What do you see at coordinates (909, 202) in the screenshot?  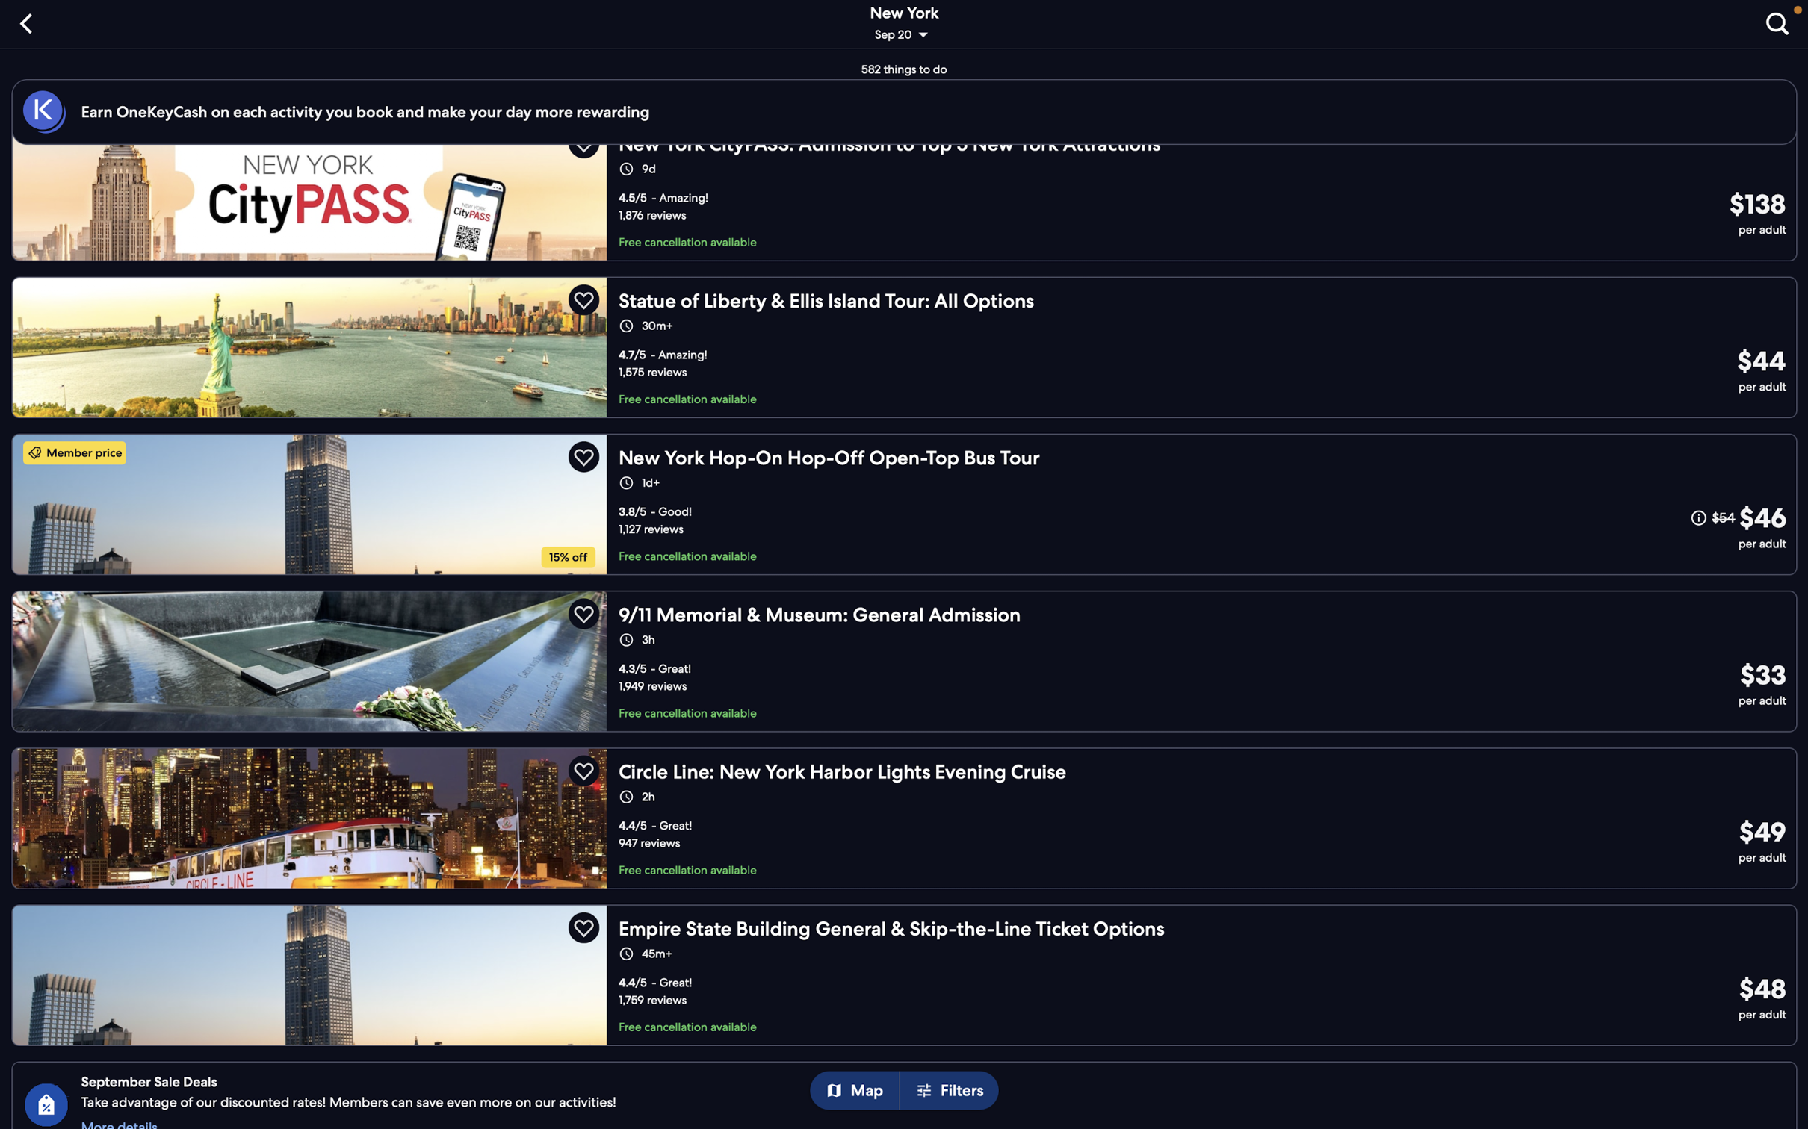 I see `Please choose the "citypass newyork" to check out the available packages` at bounding box center [909, 202].